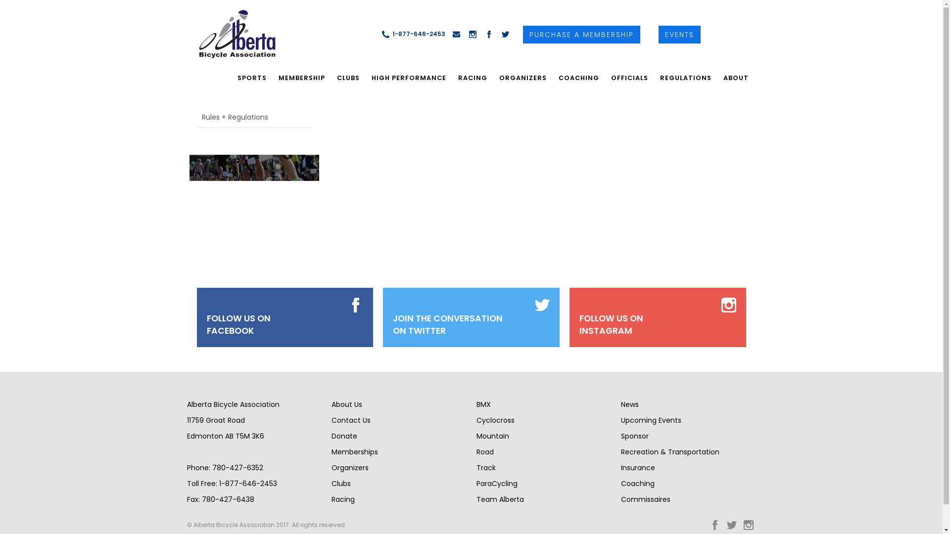 The width and height of the screenshot is (950, 534). I want to click on 'Team Alberta', so click(475, 499).